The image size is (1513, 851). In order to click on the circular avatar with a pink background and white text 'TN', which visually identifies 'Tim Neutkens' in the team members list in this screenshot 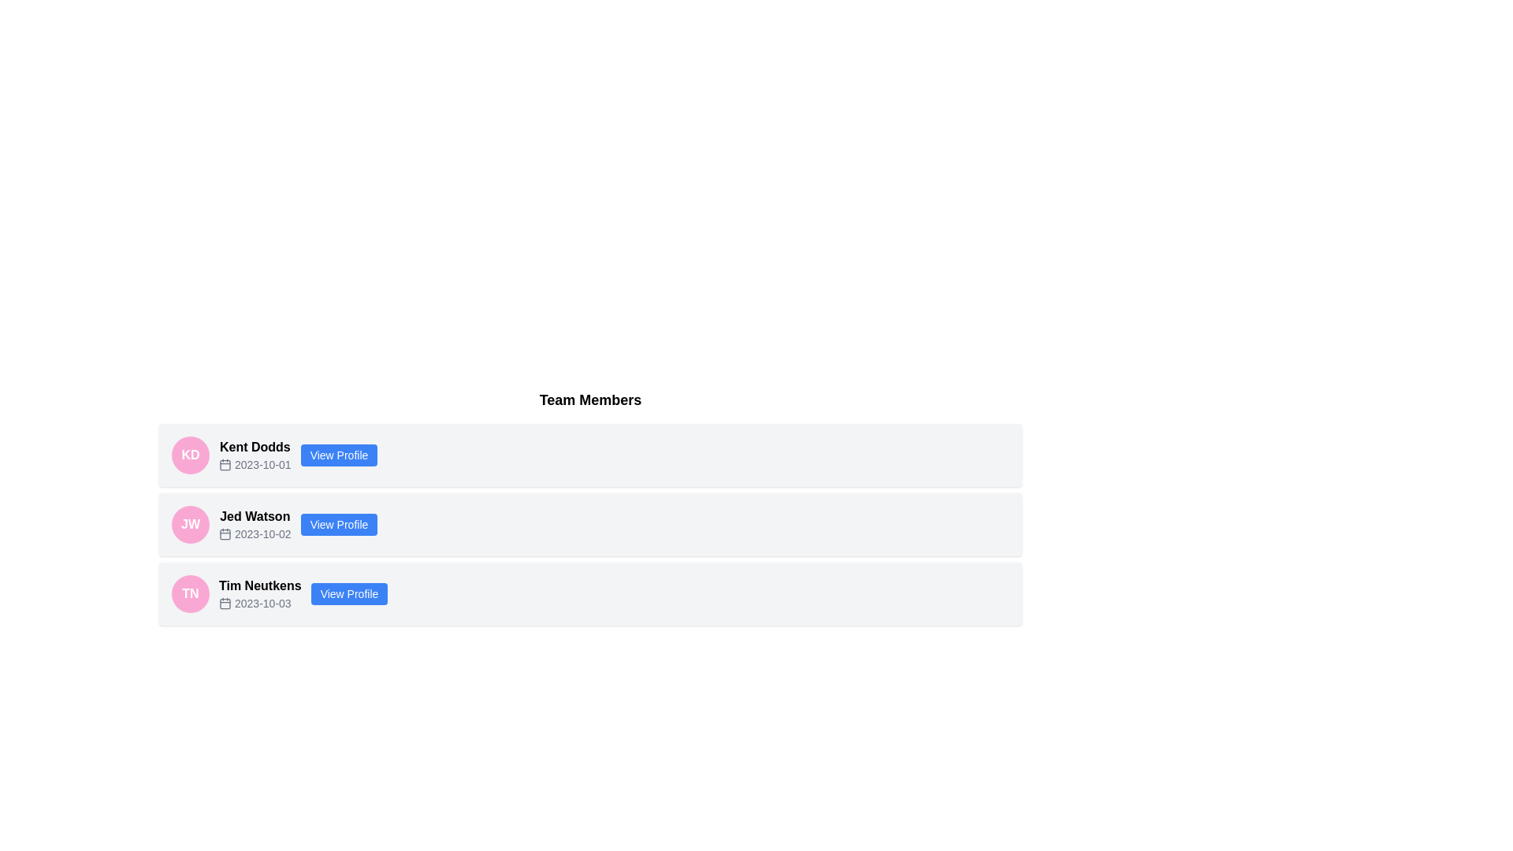, I will do `click(189, 593)`.